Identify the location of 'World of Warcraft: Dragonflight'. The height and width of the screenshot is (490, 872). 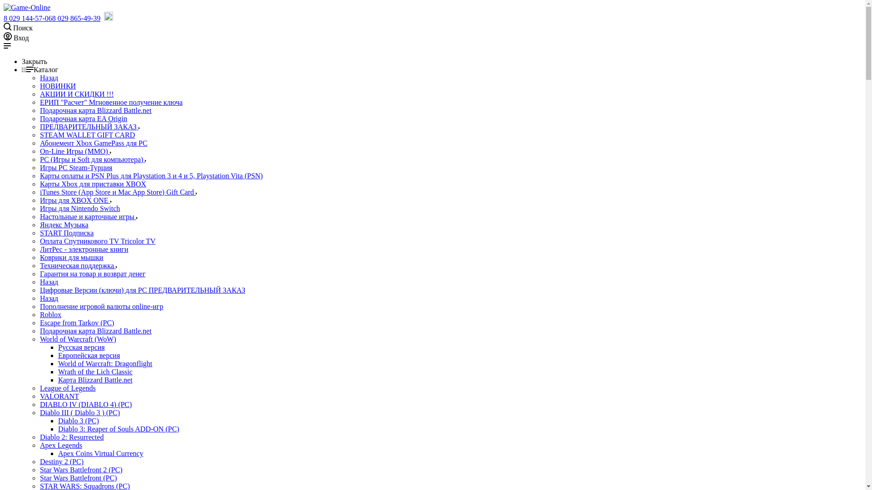
(105, 363).